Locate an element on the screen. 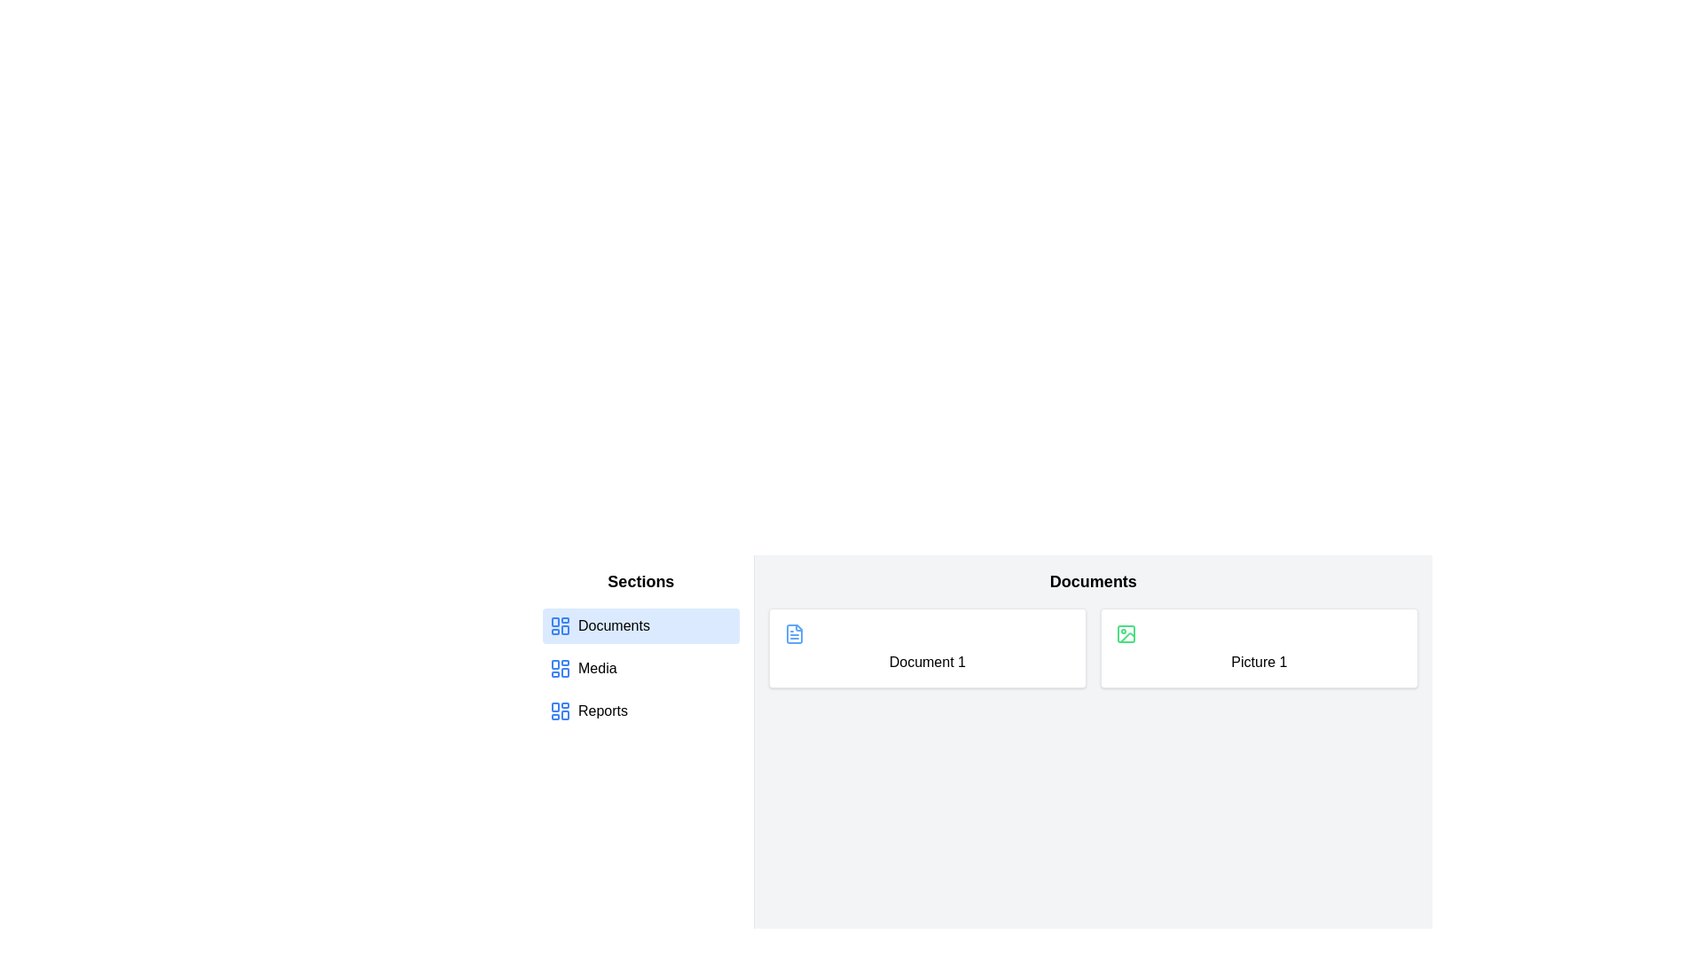 The image size is (1703, 958). the first navigation menu item labeled 'Documents' is located at coordinates (640, 624).